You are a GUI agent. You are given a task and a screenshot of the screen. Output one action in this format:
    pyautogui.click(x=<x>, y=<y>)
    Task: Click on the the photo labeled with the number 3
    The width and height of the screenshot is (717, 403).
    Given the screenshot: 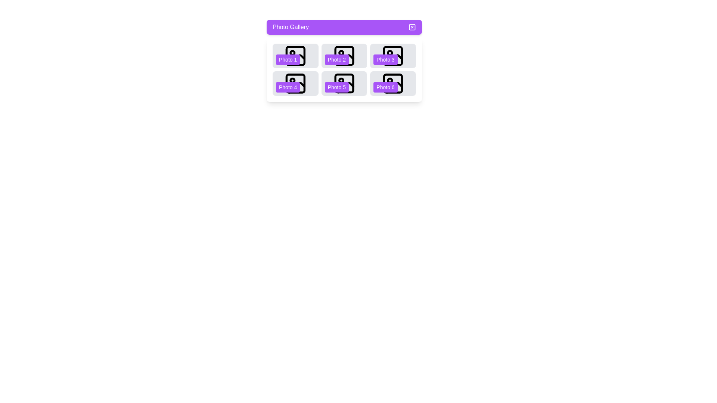 What is the action you would take?
    pyautogui.click(x=392, y=56)
    